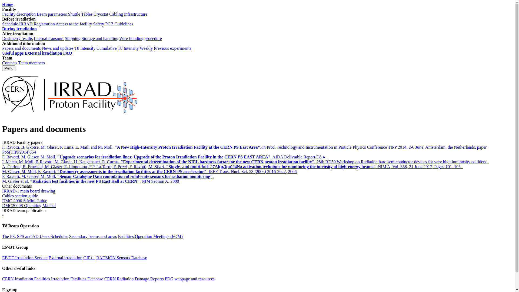 The image size is (519, 292). Describe the element at coordinates (17, 38) in the screenshot. I see `'Dosimetry results'` at that location.